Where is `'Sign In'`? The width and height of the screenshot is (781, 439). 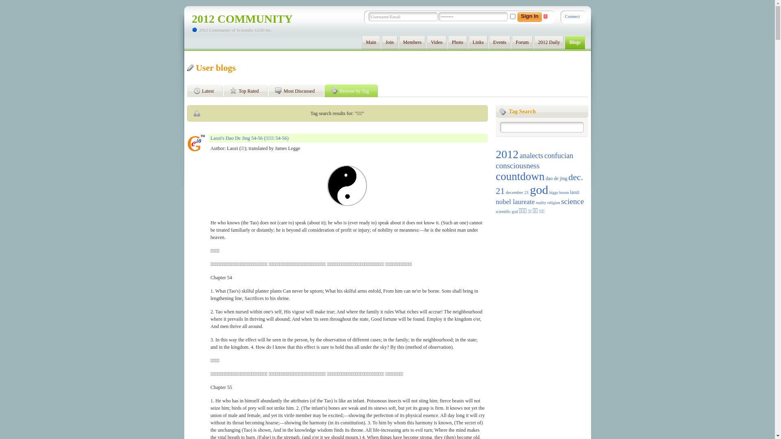 'Sign In' is located at coordinates (528, 17).